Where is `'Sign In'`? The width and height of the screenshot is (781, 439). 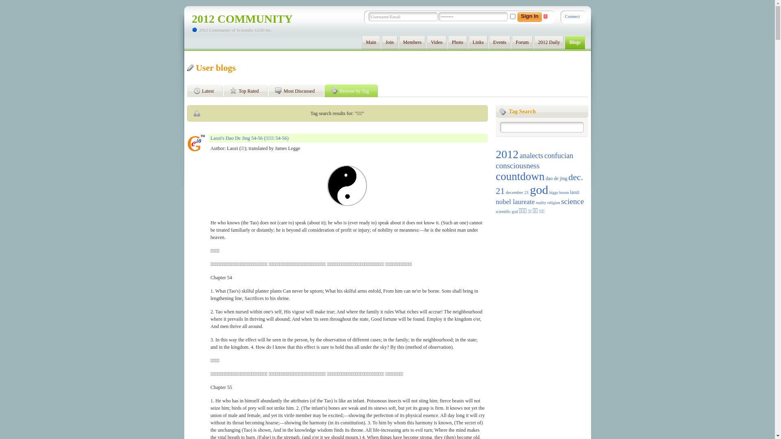 'Sign In' is located at coordinates (528, 17).